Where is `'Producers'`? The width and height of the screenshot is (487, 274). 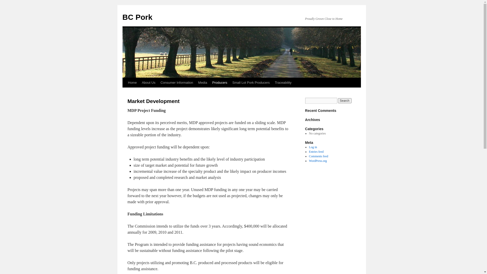 'Producers' is located at coordinates (210, 82).